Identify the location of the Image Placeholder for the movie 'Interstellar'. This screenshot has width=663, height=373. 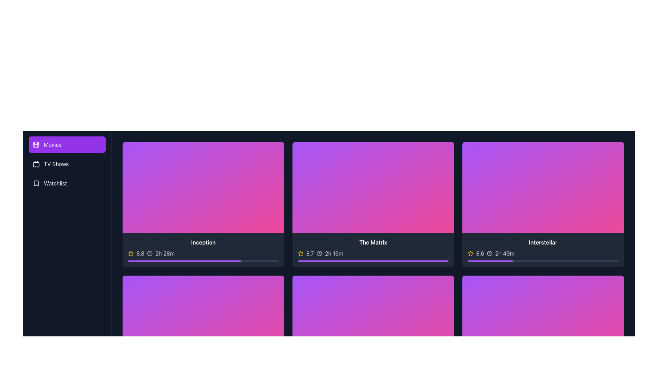
(543, 187).